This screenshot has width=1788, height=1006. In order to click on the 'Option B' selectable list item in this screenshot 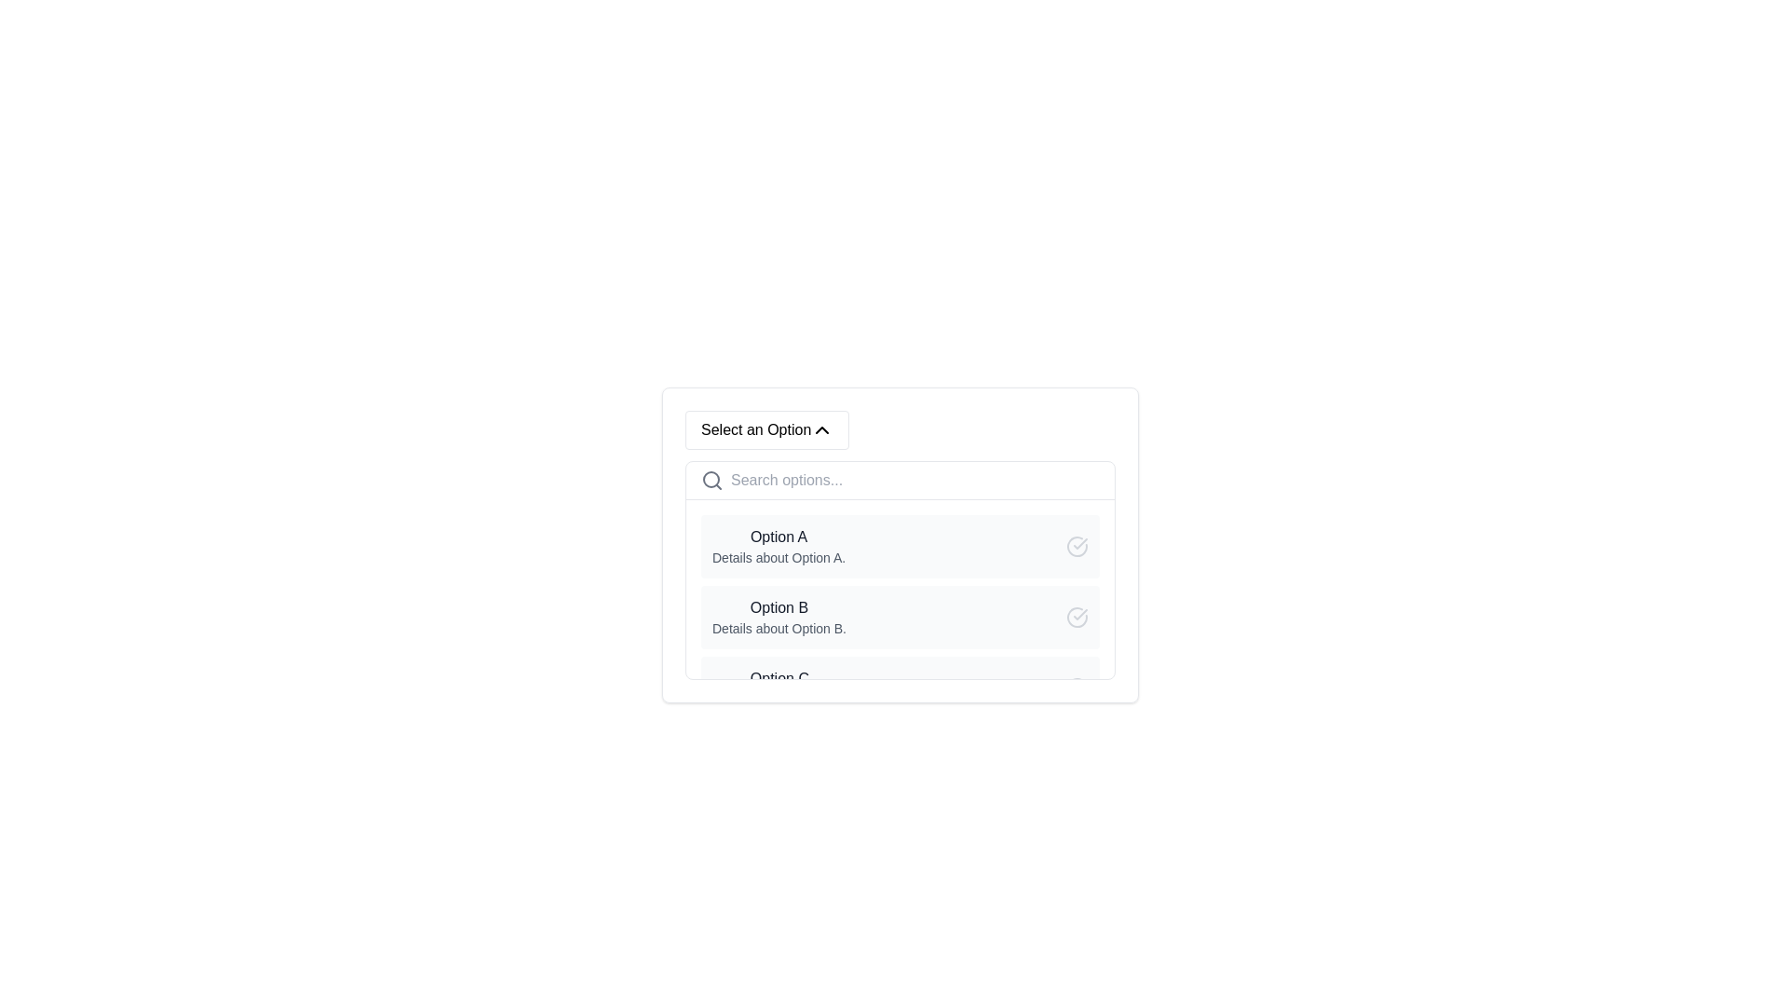, I will do `click(900, 618)`.